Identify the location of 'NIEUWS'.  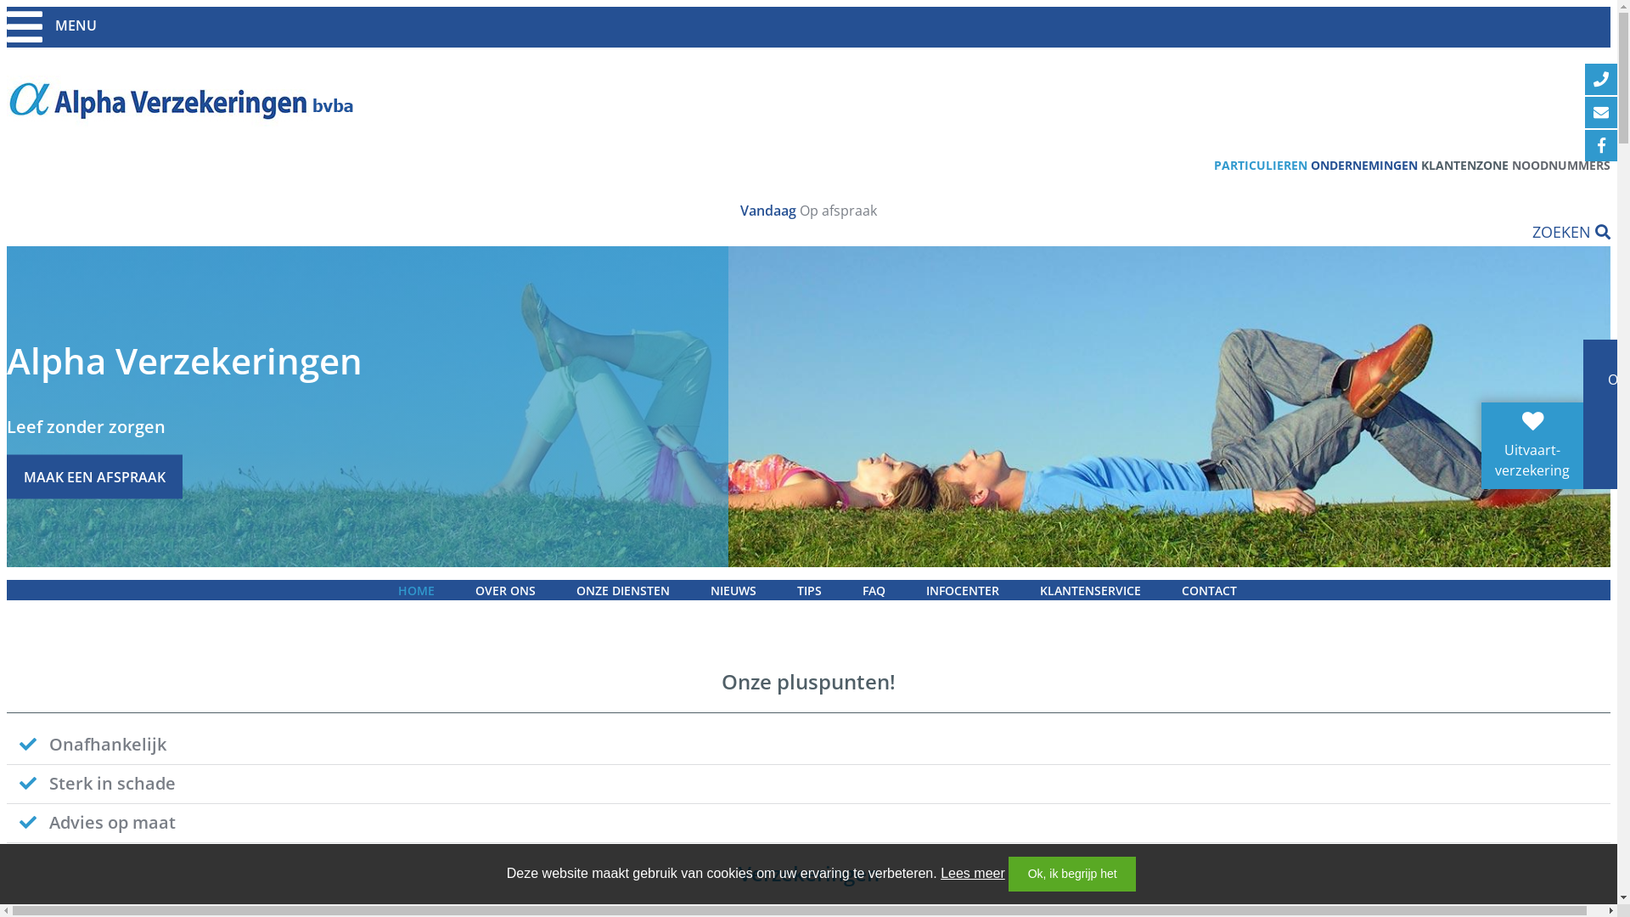
(733, 589).